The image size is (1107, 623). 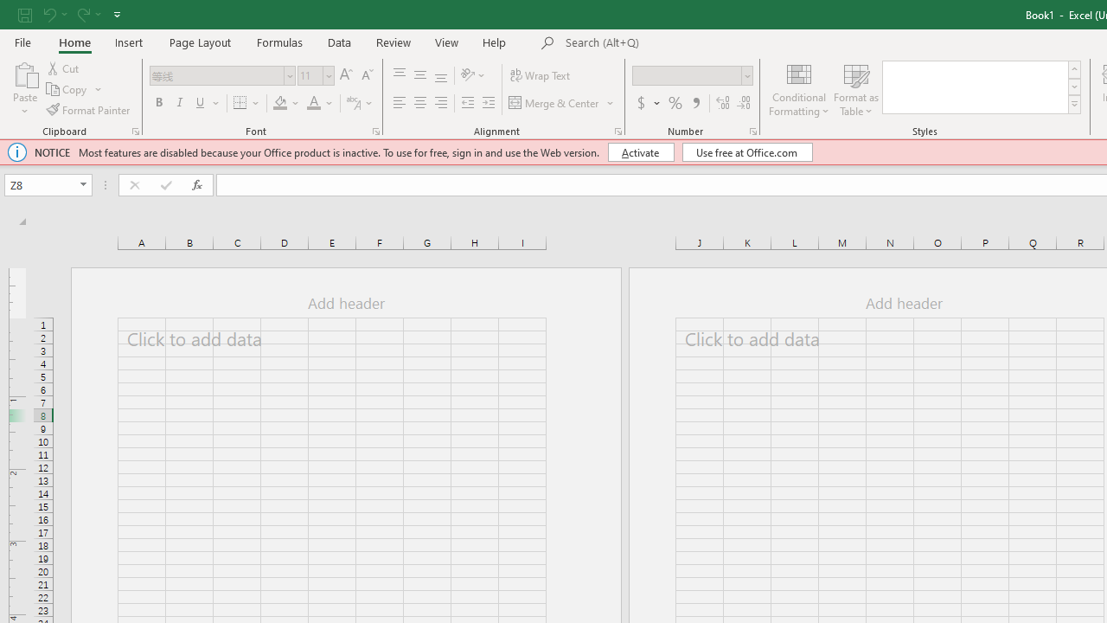 I want to click on 'Font Color', so click(x=320, y=103).